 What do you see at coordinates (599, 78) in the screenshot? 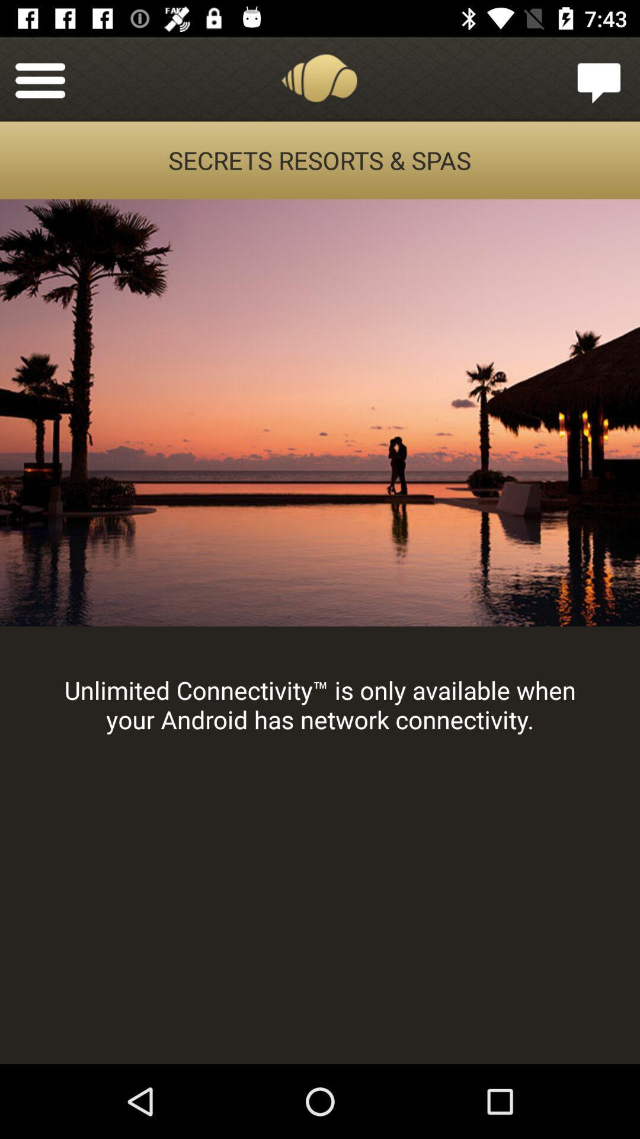
I see `the chat icon` at bounding box center [599, 78].